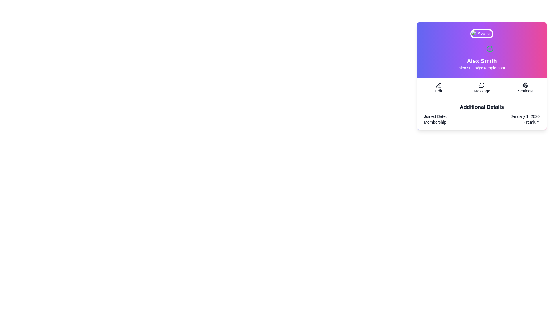 Image resolution: width=556 pixels, height=312 pixels. I want to click on the email address text label 'alex.smith@example.com' which is located below the name 'Alex Smith' within the user profile card, so click(482, 68).